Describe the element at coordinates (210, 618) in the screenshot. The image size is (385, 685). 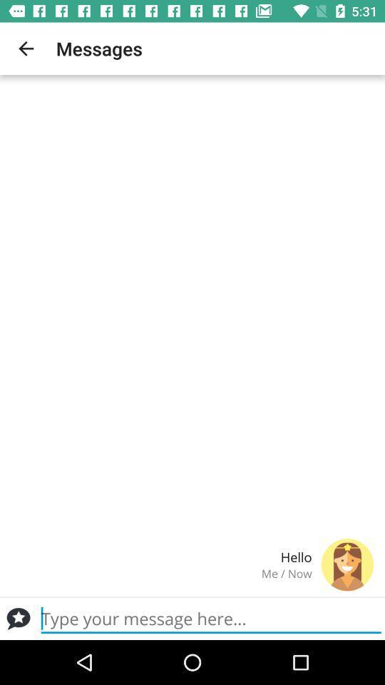
I see `messaging preview box` at that location.